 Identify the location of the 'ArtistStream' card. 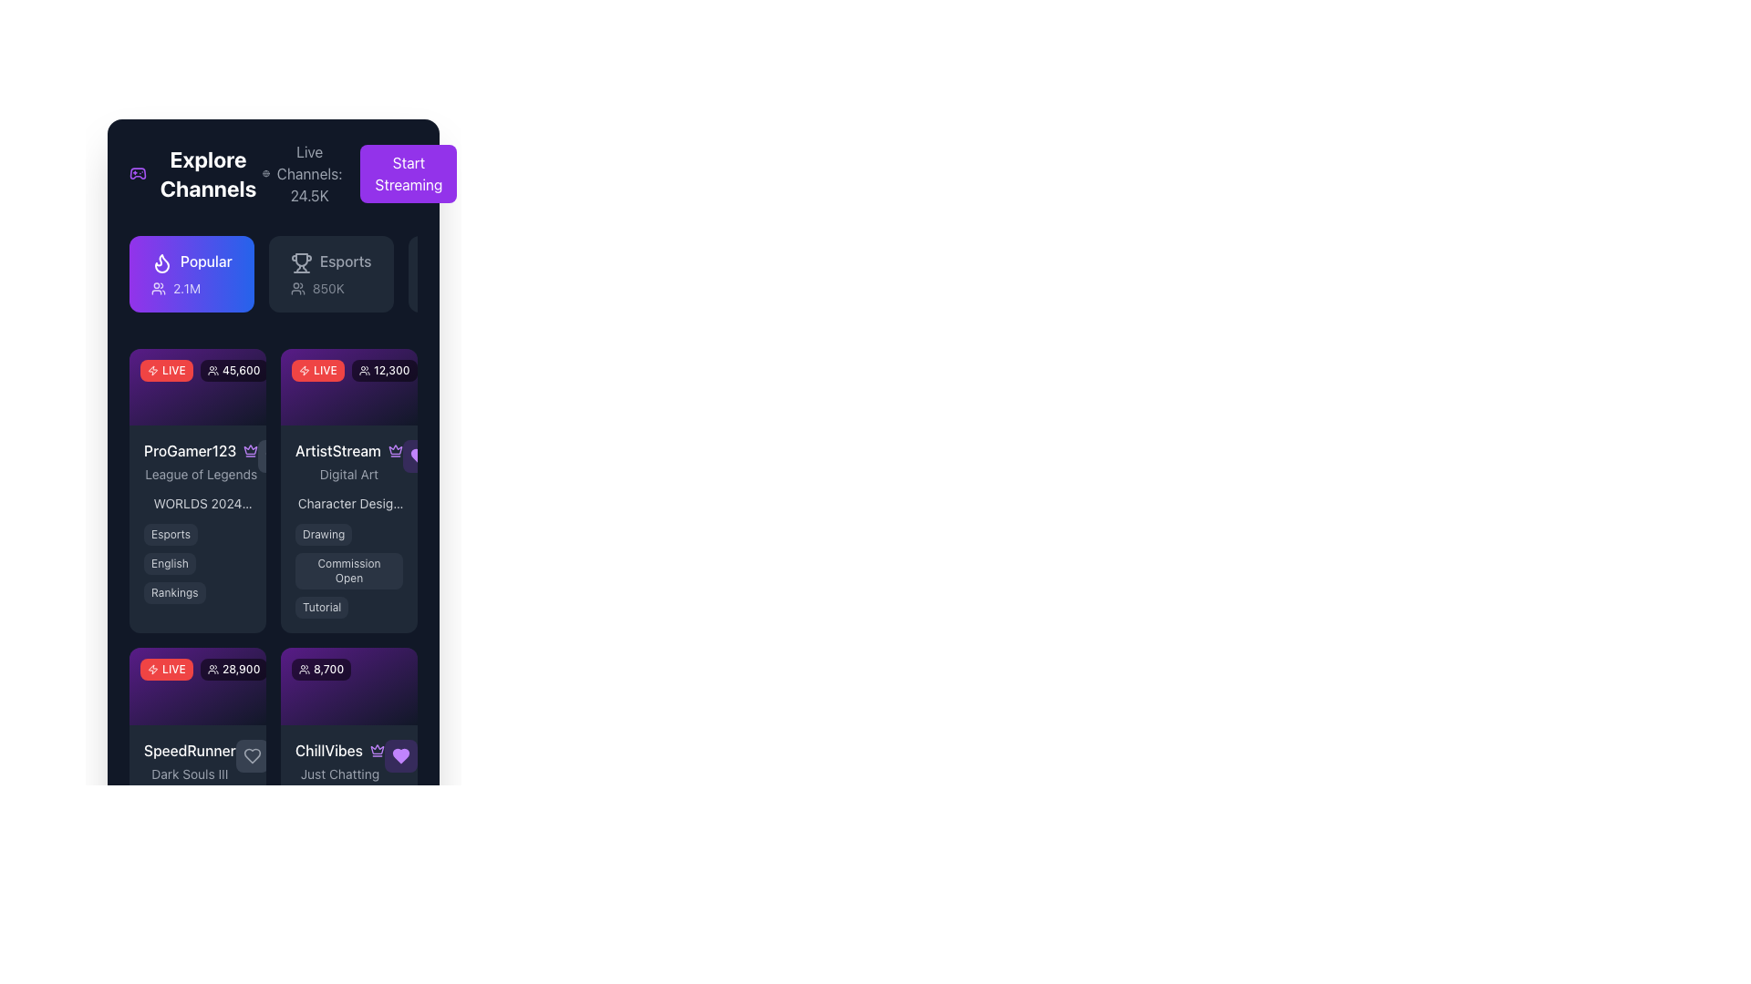
(349, 385).